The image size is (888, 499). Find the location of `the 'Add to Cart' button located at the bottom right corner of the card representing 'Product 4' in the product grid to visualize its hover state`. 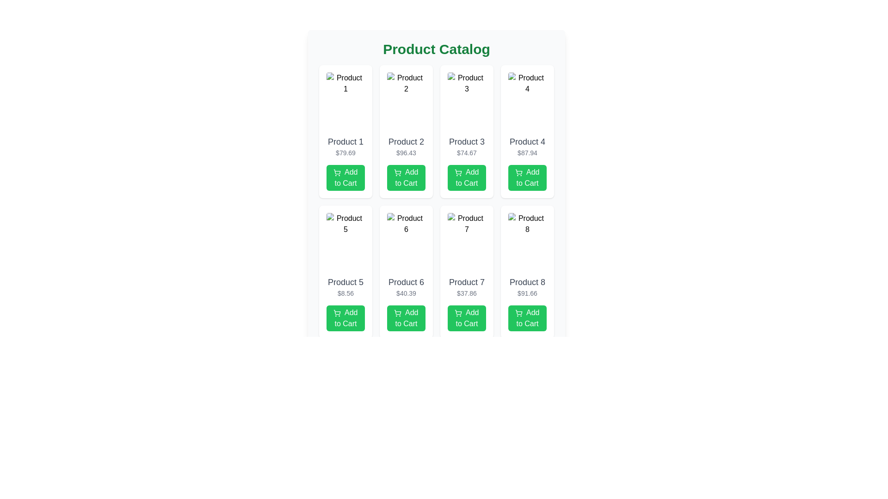

the 'Add to Cart' button located at the bottom right corner of the card representing 'Product 4' in the product grid to visualize its hover state is located at coordinates (527, 178).